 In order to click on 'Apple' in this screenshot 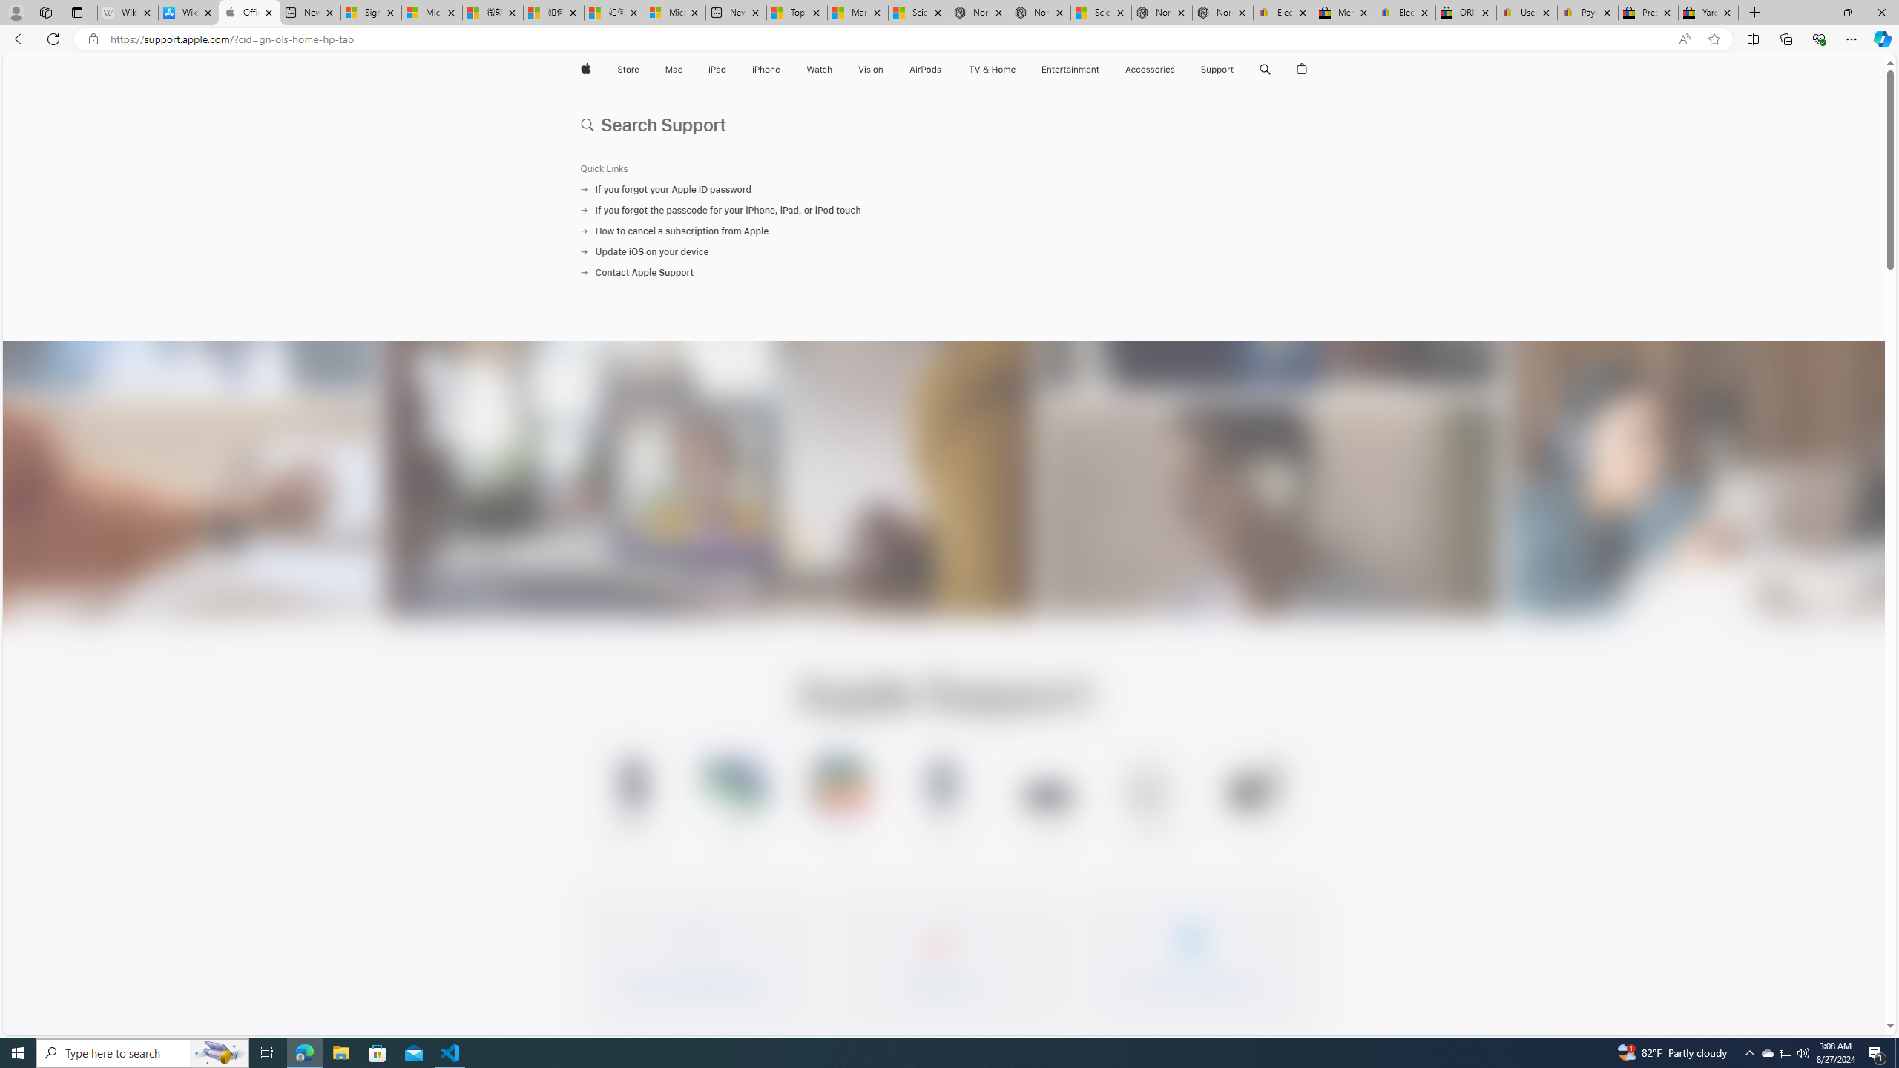, I will do `click(584, 69)`.